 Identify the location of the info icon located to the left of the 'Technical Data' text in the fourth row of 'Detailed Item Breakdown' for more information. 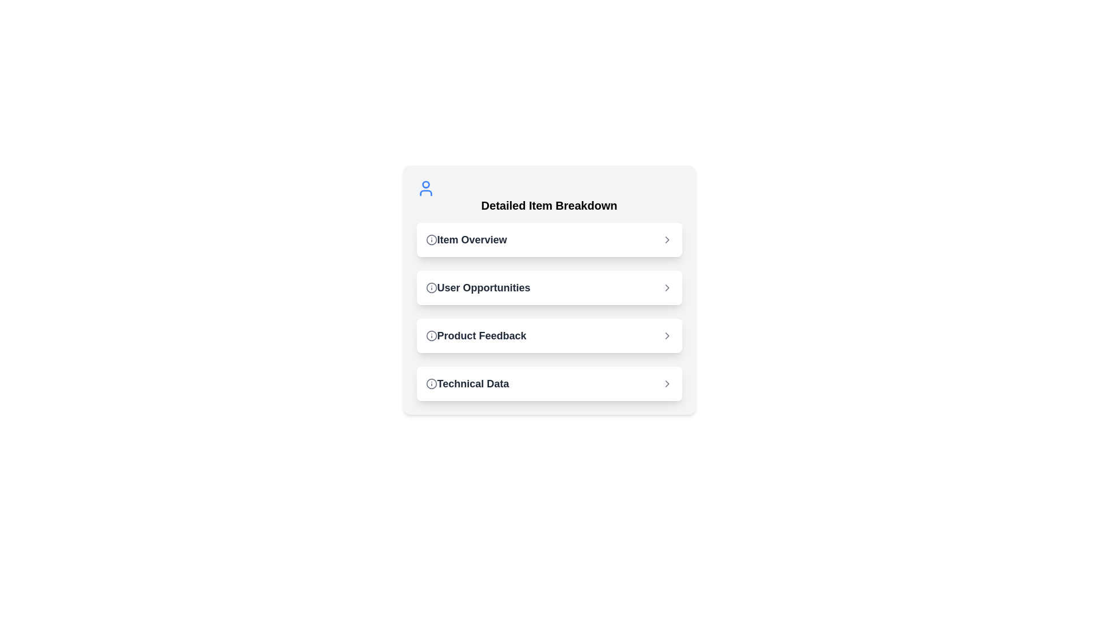
(431, 383).